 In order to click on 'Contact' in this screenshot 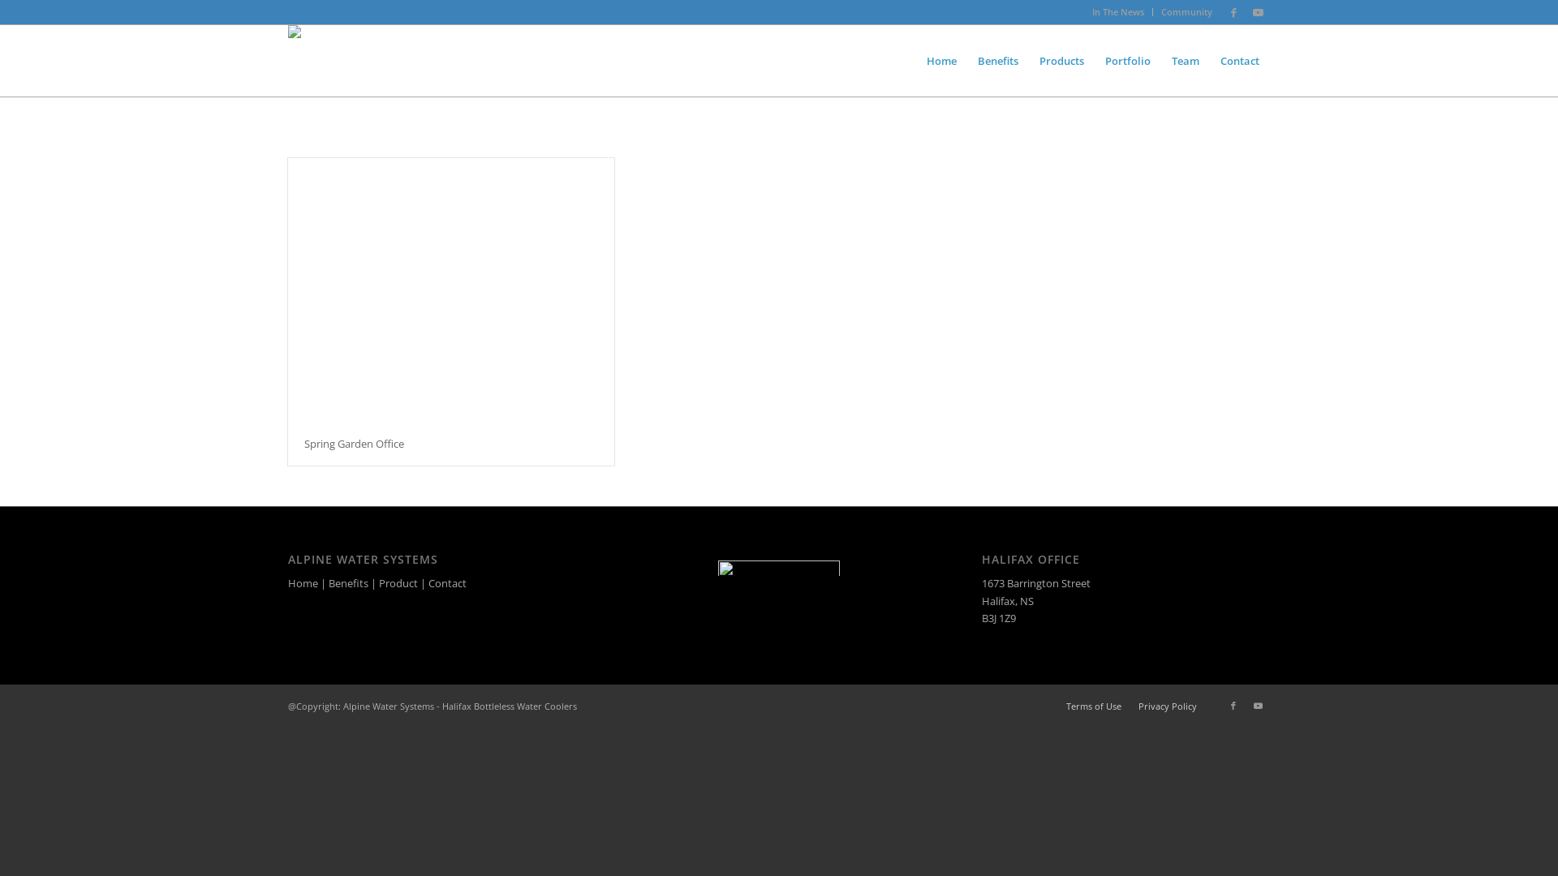, I will do `click(447, 582)`.